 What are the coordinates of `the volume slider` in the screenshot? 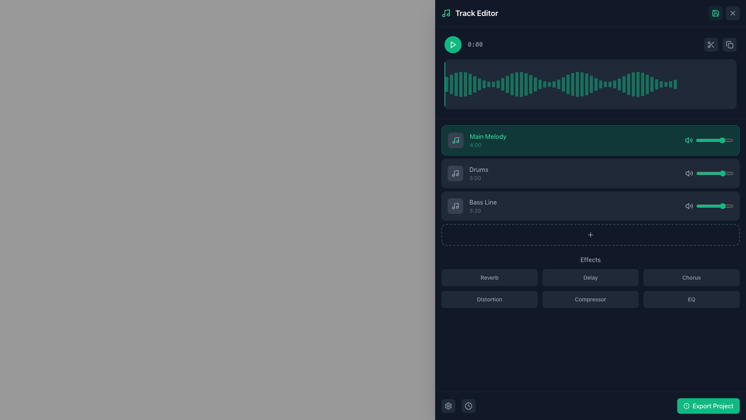 It's located at (717, 205).